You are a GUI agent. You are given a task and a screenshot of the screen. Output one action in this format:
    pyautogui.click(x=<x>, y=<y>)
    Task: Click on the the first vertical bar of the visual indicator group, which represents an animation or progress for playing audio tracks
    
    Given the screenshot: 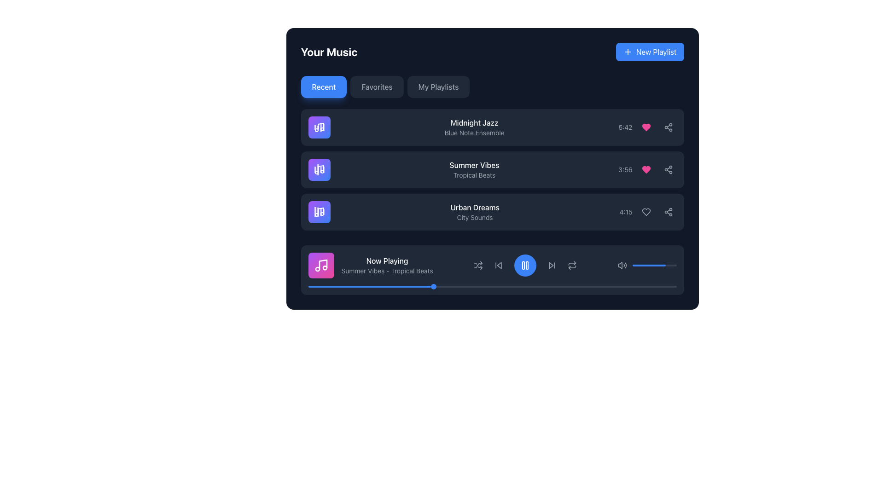 What is the action you would take?
    pyautogui.click(x=315, y=127)
    